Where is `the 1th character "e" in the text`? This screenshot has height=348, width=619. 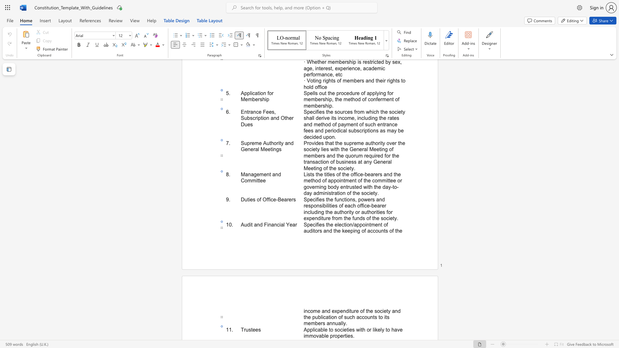
the 1th character "e" in the text is located at coordinates (326, 330).